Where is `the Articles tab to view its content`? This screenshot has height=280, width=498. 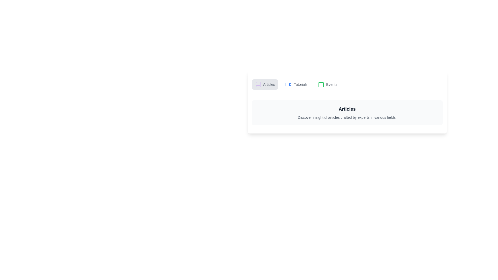 the Articles tab to view its content is located at coordinates (265, 84).